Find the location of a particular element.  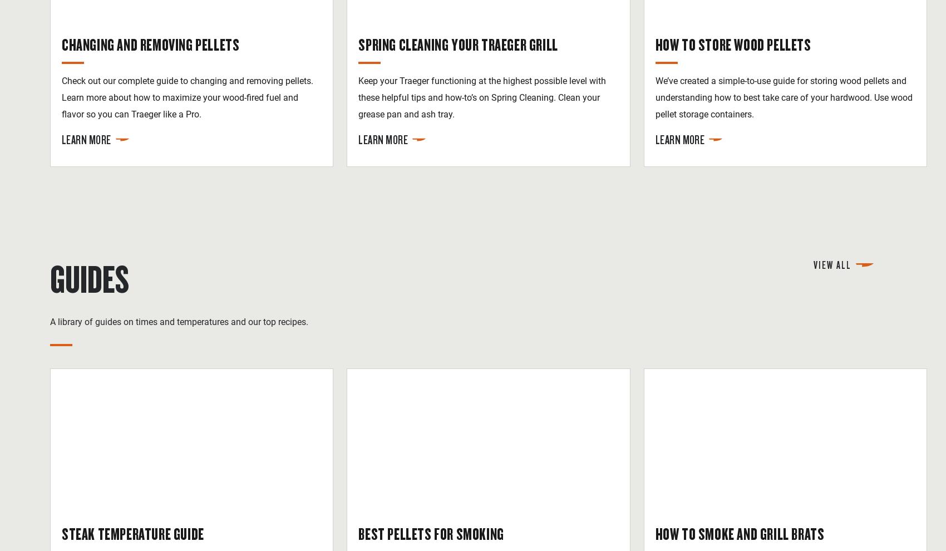

'A library of guides on times and temperatures and our top recipes.' is located at coordinates (178, 322).